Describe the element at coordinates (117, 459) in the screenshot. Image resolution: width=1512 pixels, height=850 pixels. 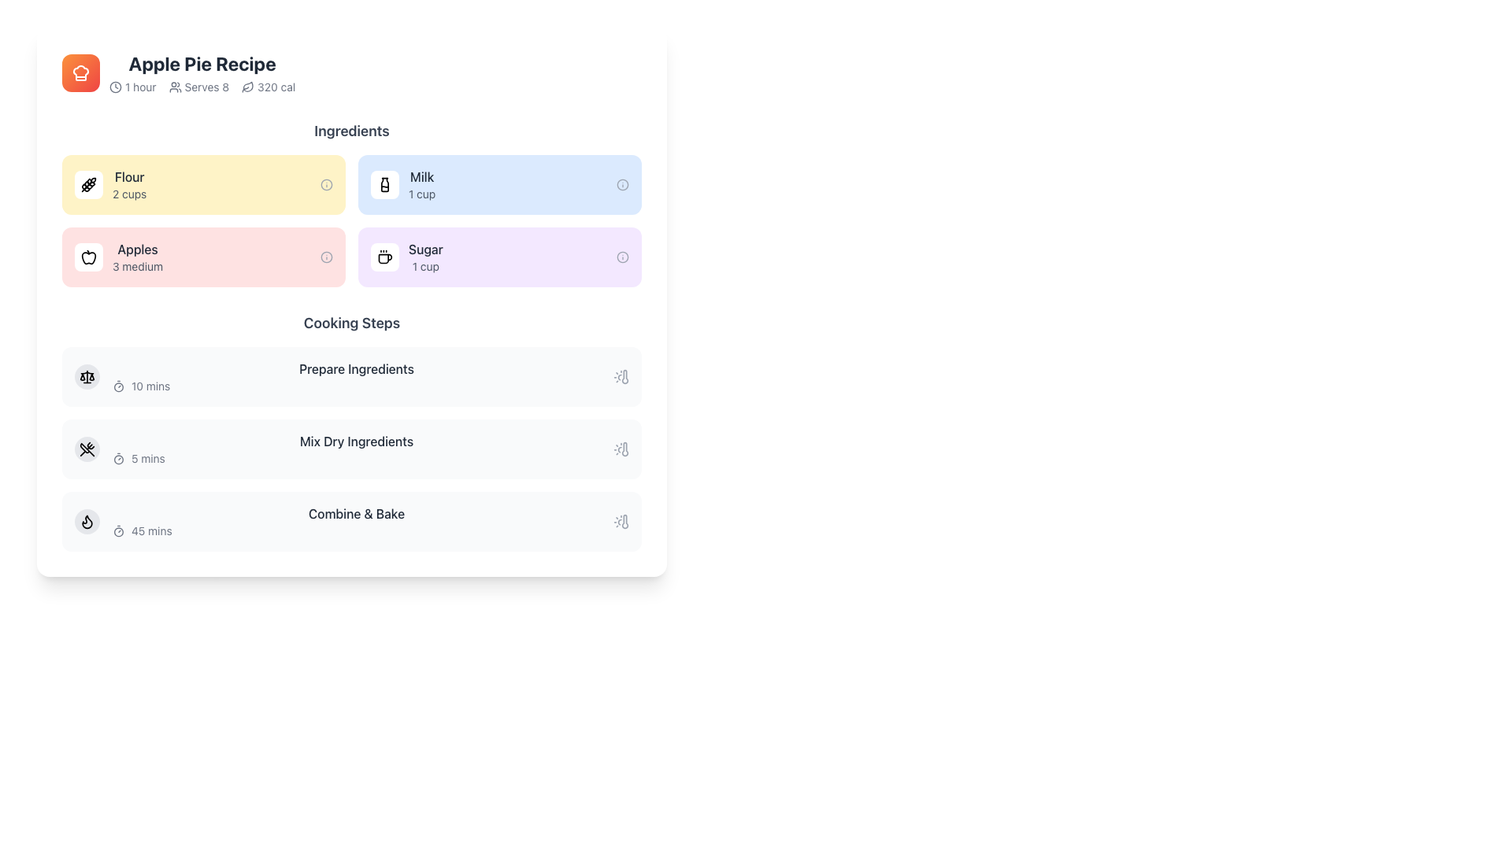
I see `the circular icon representing the timer, which is located adjacent to the step labeled 'Mix Dry Ingredients' in the cooking steps list` at that location.